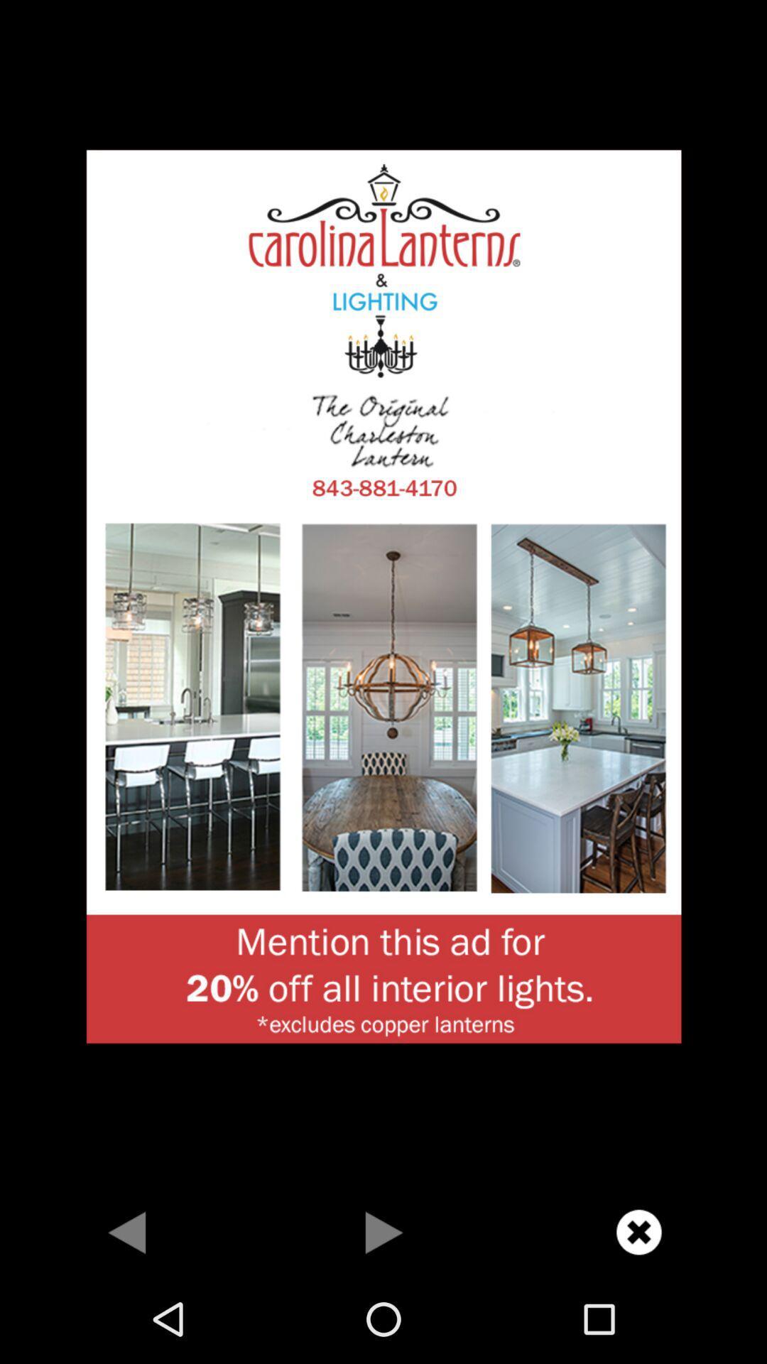  What do you see at coordinates (383, 1231) in the screenshot?
I see `go forward` at bounding box center [383, 1231].